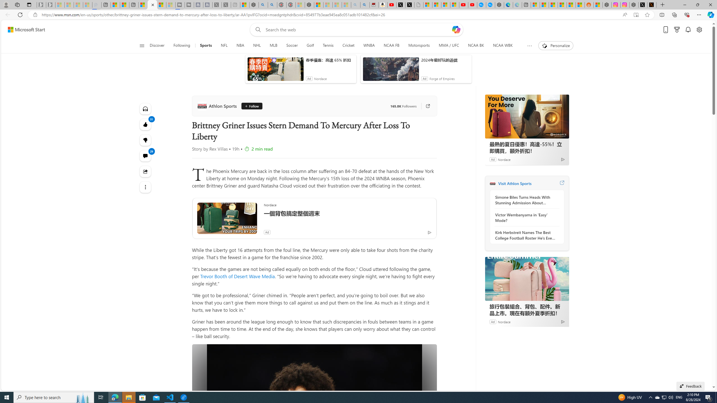 This screenshot has width=717, height=403. I want to click on 'View comments 29 Comment', so click(145, 156).